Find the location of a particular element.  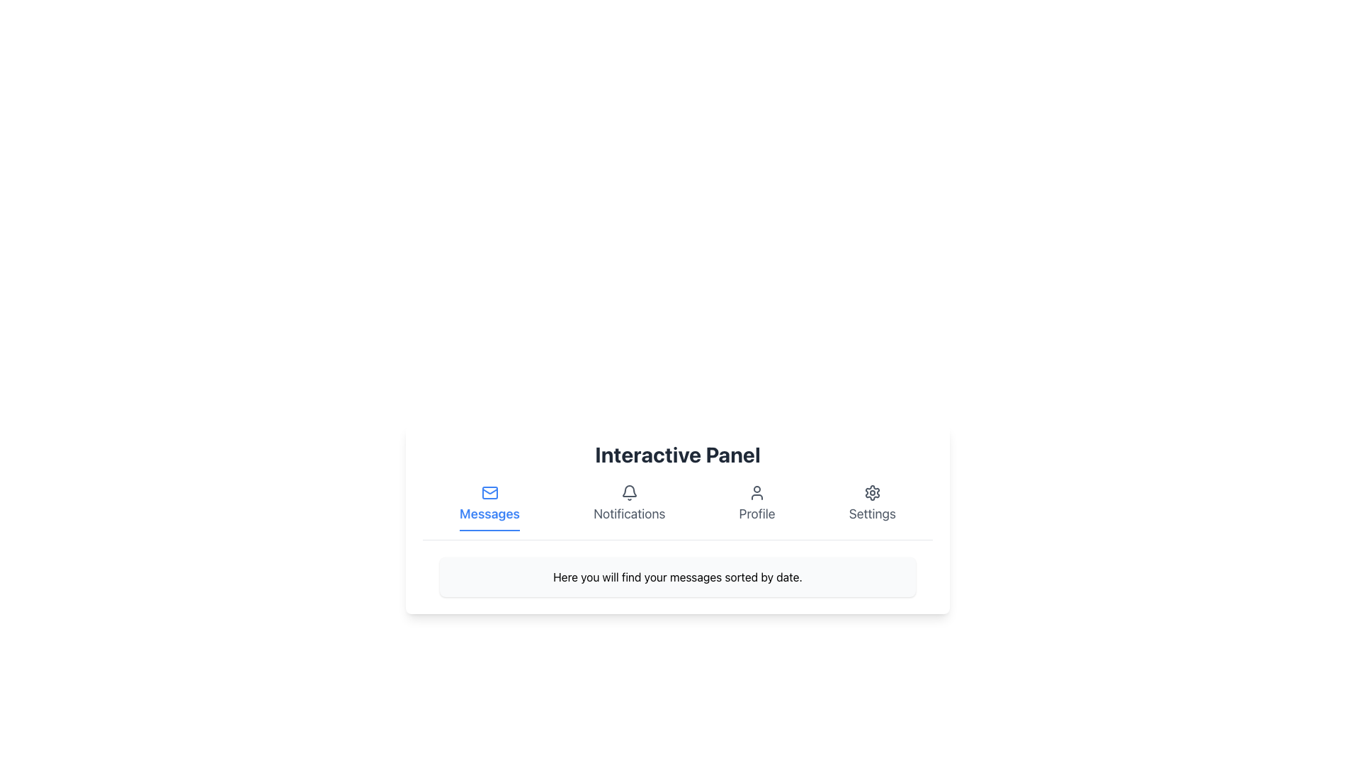

the 'Profile' text label in the horizontal navigation menu, which is the fourth label situated below a user silhouette icon is located at coordinates (756, 514).